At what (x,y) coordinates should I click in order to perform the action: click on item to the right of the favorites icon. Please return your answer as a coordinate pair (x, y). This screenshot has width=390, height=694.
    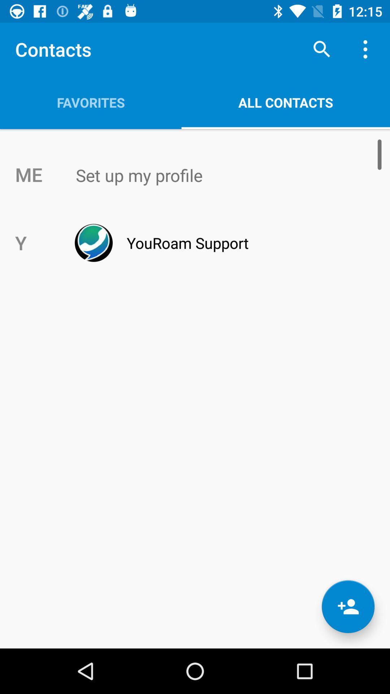
    Looking at the image, I should click on (285, 102).